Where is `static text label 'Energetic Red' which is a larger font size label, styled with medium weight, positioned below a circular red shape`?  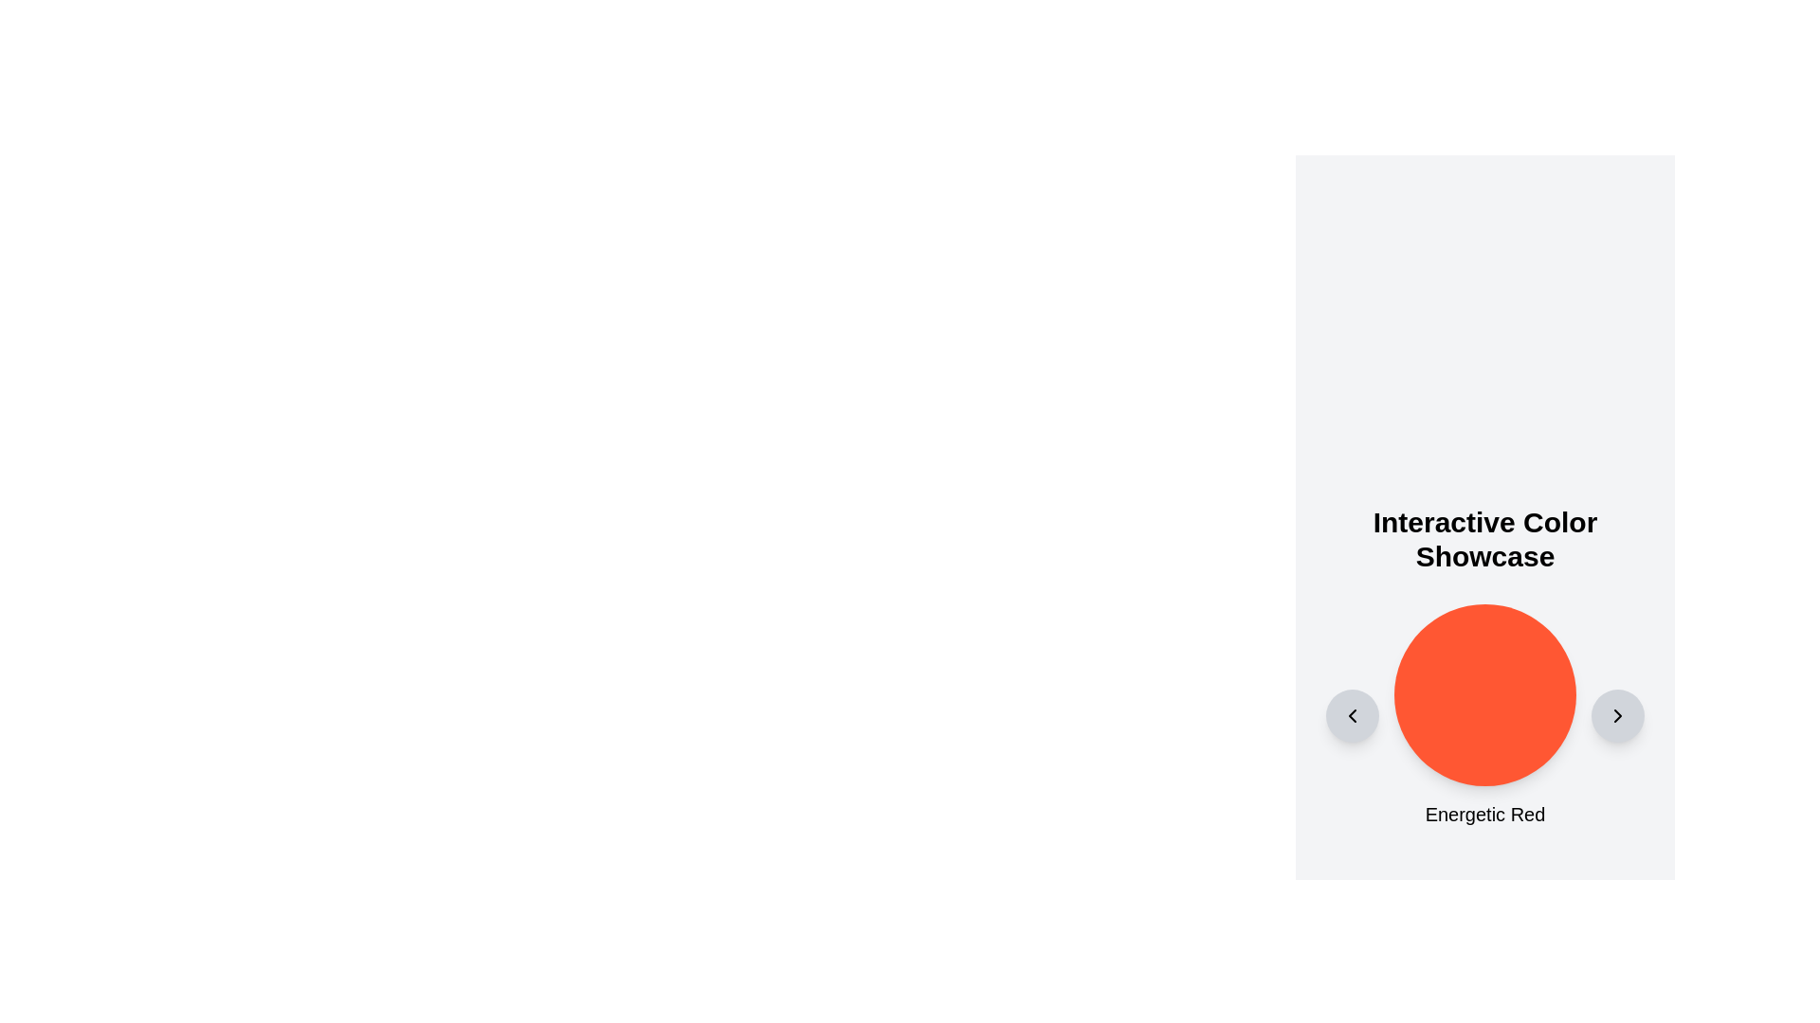
static text label 'Energetic Red' which is a larger font size label, styled with medium weight, positioned below a circular red shape is located at coordinates (1483, 814).